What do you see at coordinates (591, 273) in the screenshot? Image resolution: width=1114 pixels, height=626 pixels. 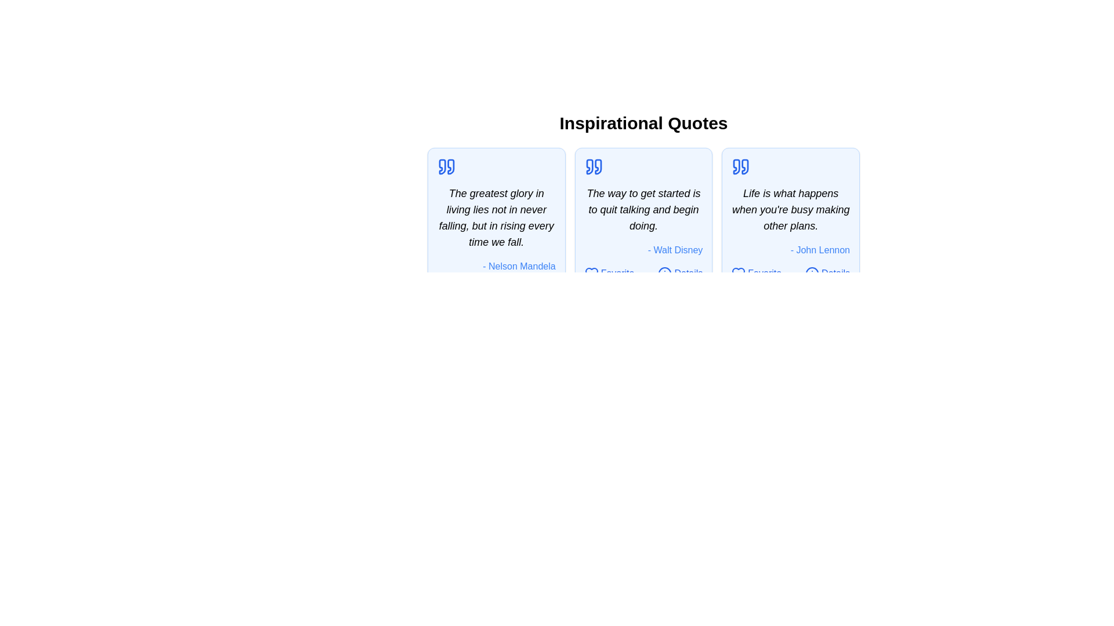 I see `the heart-shaped icon located at the bottom-left corner of the card containing the quote 'The way to get started is to quit talking and begin doing.'` at bounding box center [591, 273].